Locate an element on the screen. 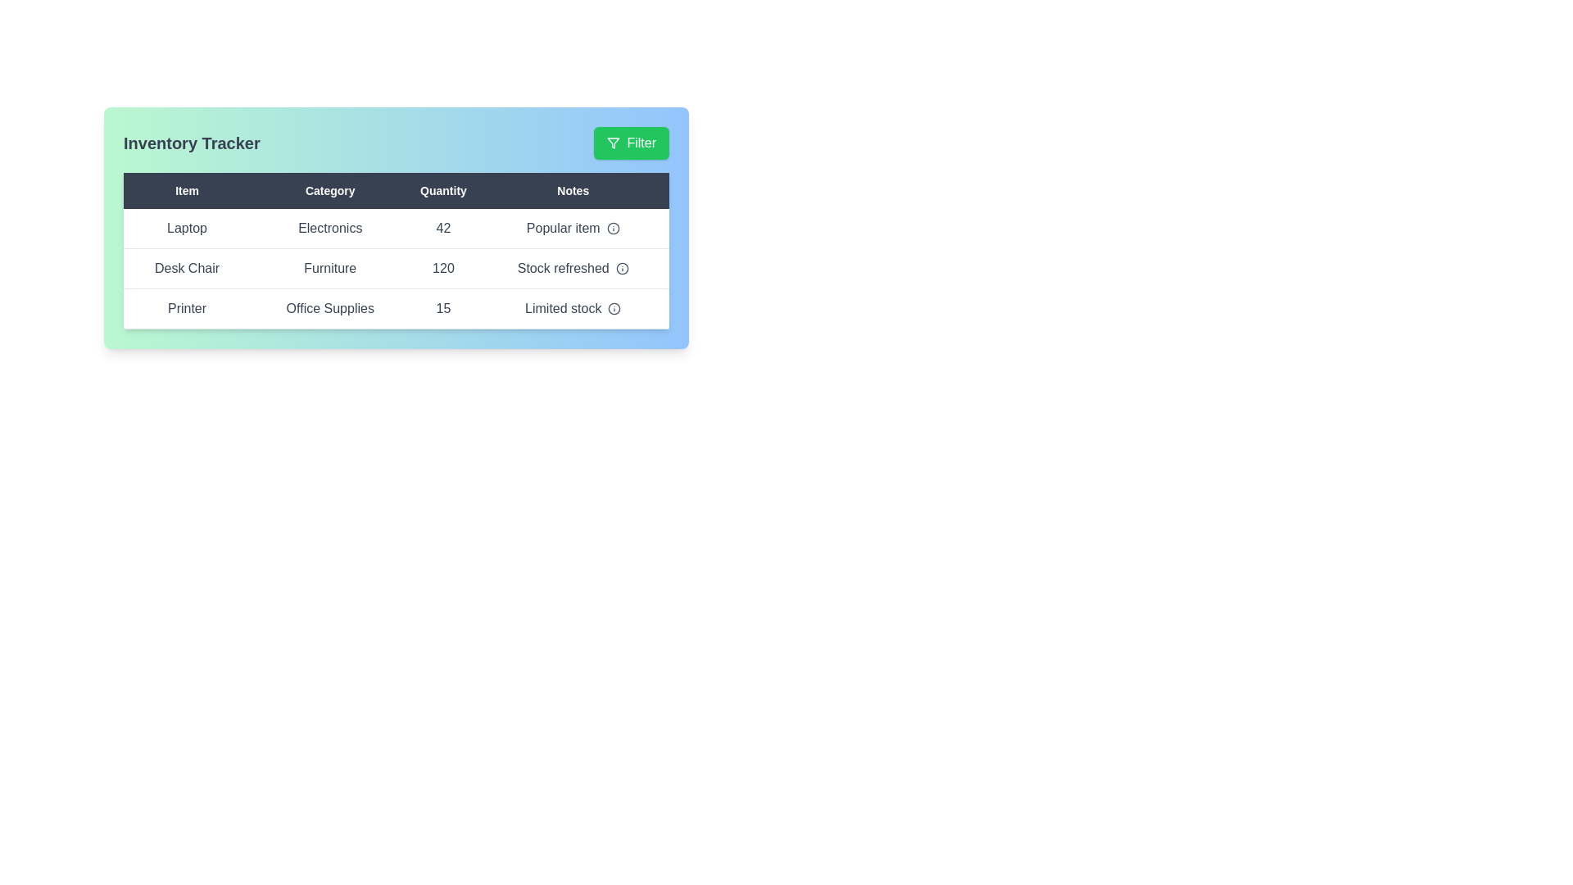 The image size is (1573, 885). the cell containing Desk Chair to select its text is located at coordinates (187, 267).